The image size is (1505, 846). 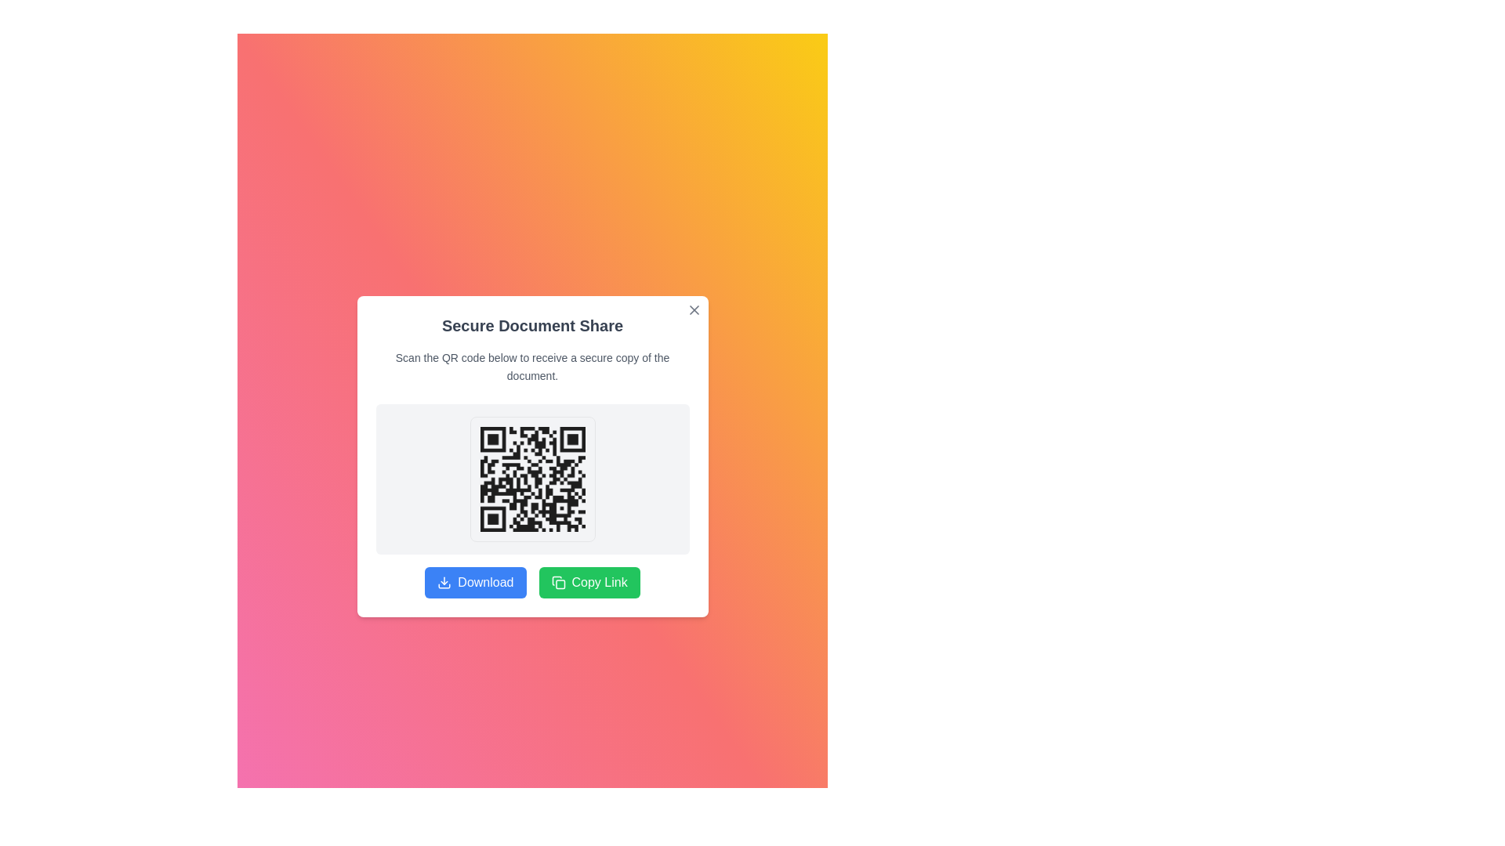 What do you see at coordinates (589, 582) in the screenshot?
I see `the second button from the left in the horizontal row of buttons within the modal, located to the right of the blue 'Download' button` at bounding box center [589, 582].